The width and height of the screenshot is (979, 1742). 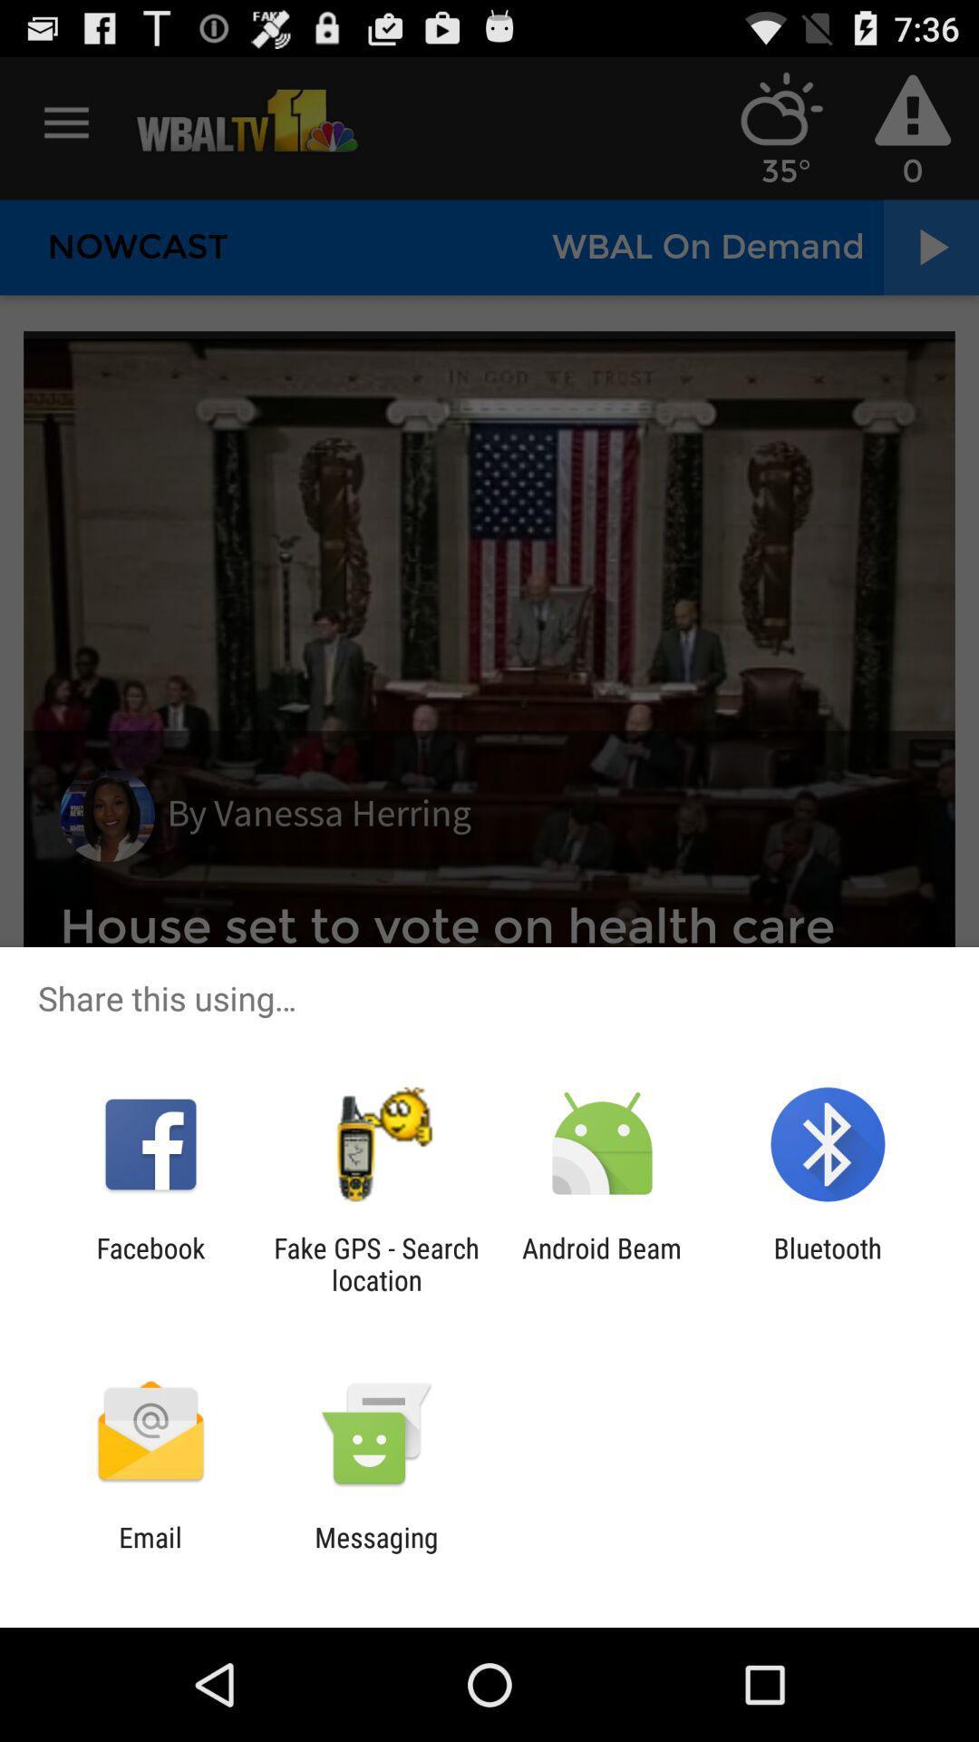 What do you see at coordinates (375, 1552) in the screenshot?
I see `the messaging icon` at bounding box center [375, 1552].